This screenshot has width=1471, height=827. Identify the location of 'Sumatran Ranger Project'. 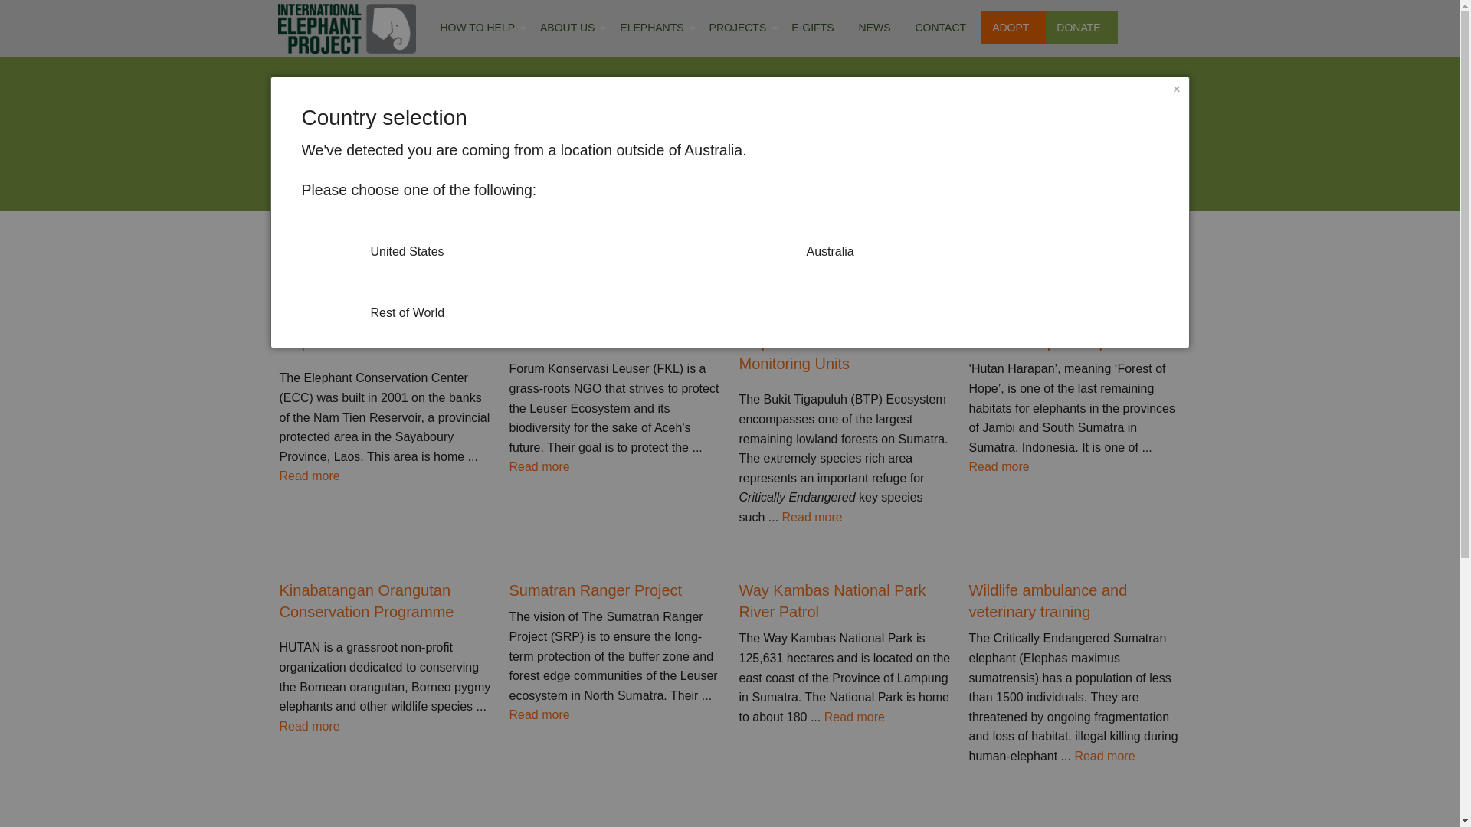
(614, 590).